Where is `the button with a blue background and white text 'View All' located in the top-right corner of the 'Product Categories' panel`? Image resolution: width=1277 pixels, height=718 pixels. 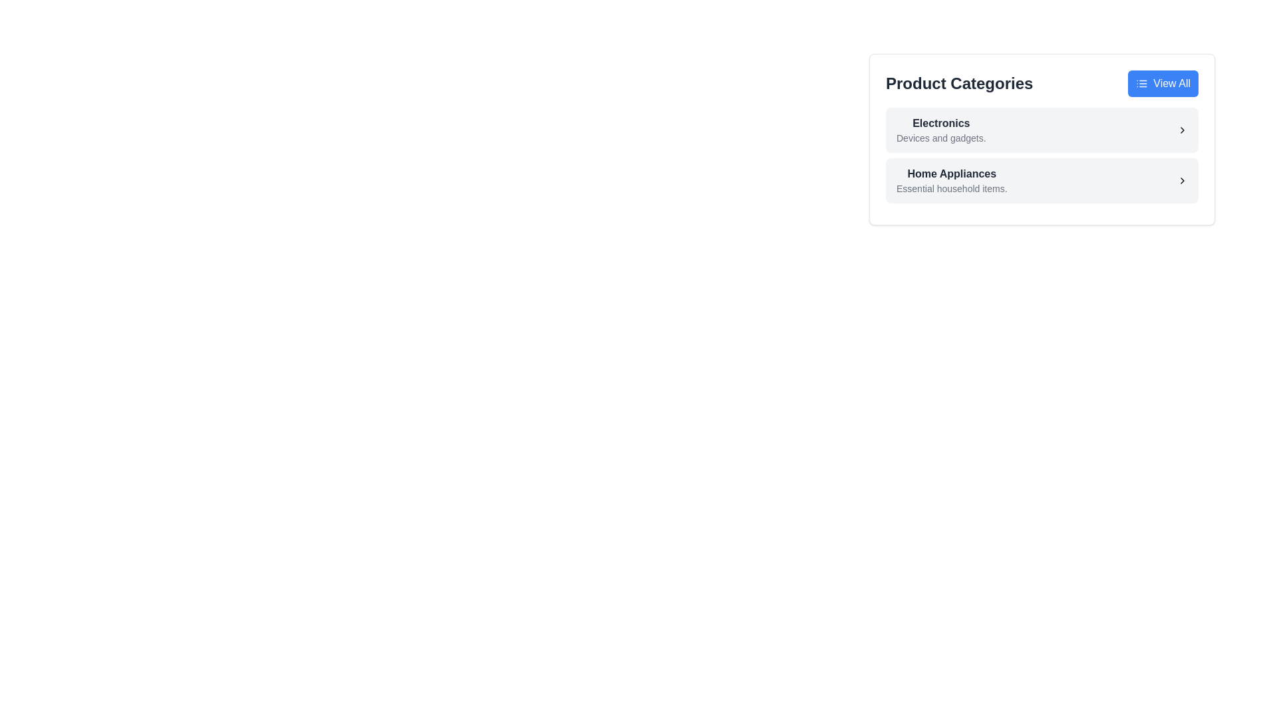
the button with a blue background and white text 'View All' located in the top-right corner of the 'Product Categories' panel is located at coordinates (1163, 84).